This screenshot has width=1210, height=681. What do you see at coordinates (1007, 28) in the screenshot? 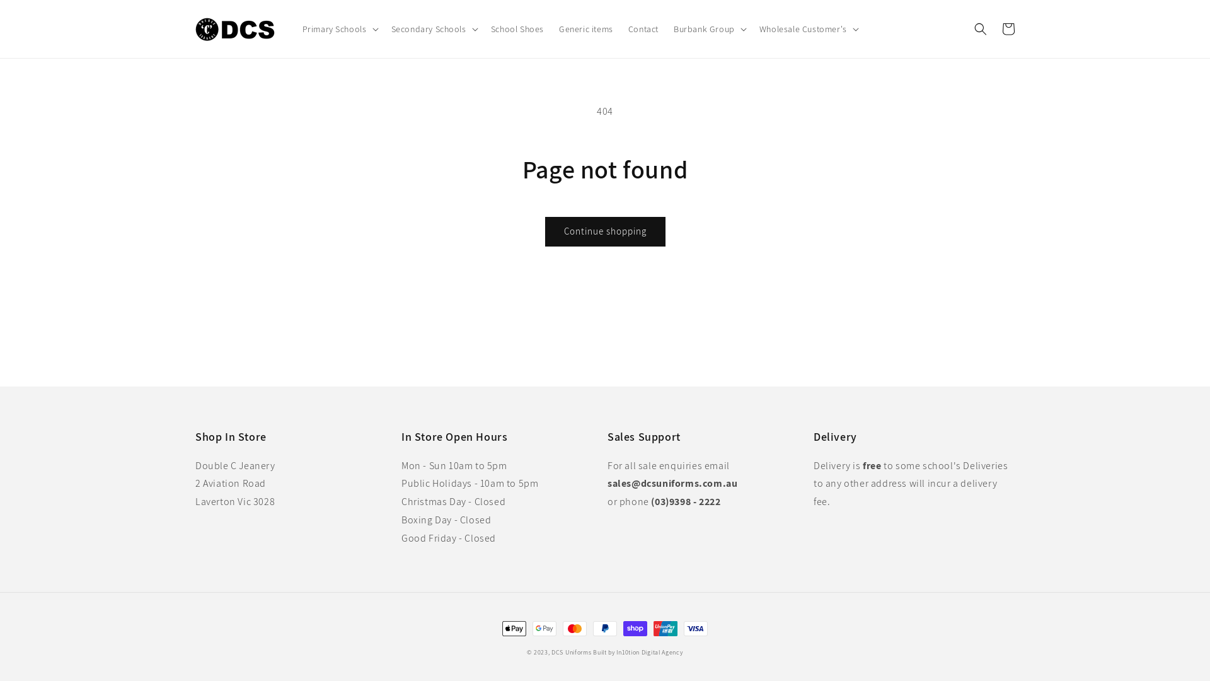
I see `'Cart'` at bounding box center [1007, 28].